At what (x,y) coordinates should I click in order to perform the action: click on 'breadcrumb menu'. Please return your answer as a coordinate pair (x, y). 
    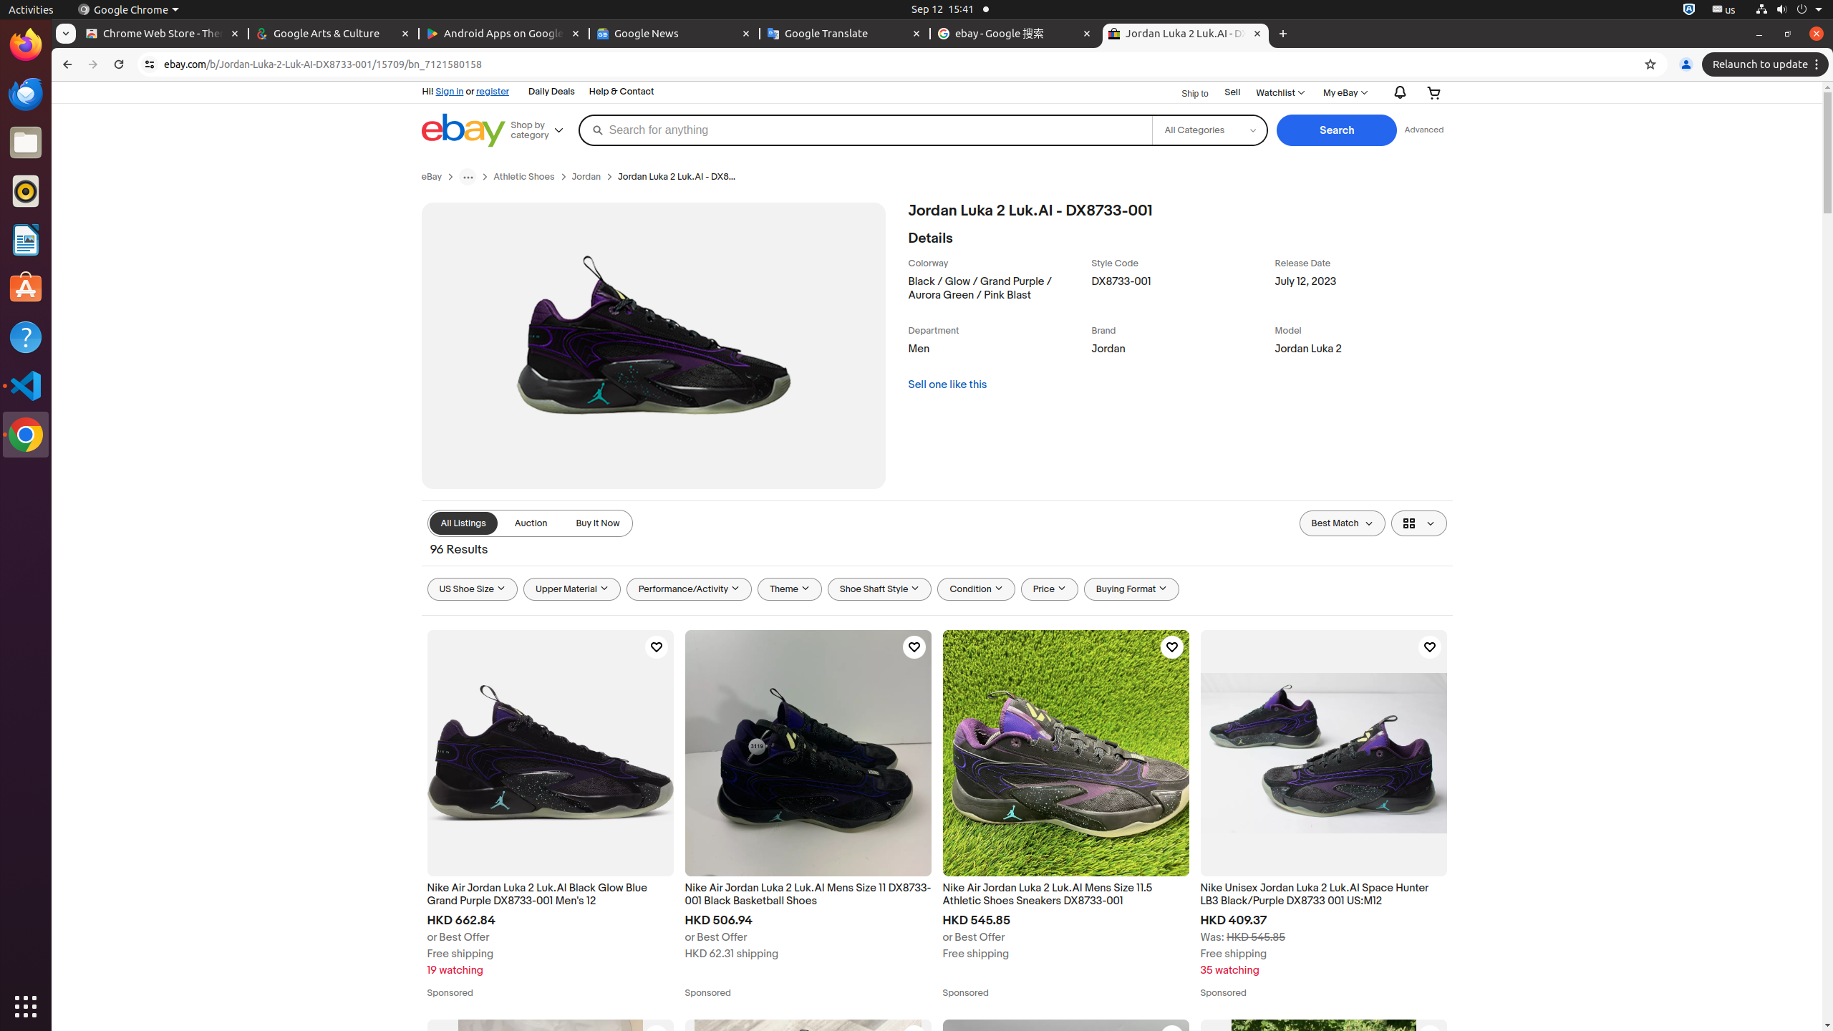
    Looking at the image, I should click on (467, 175).